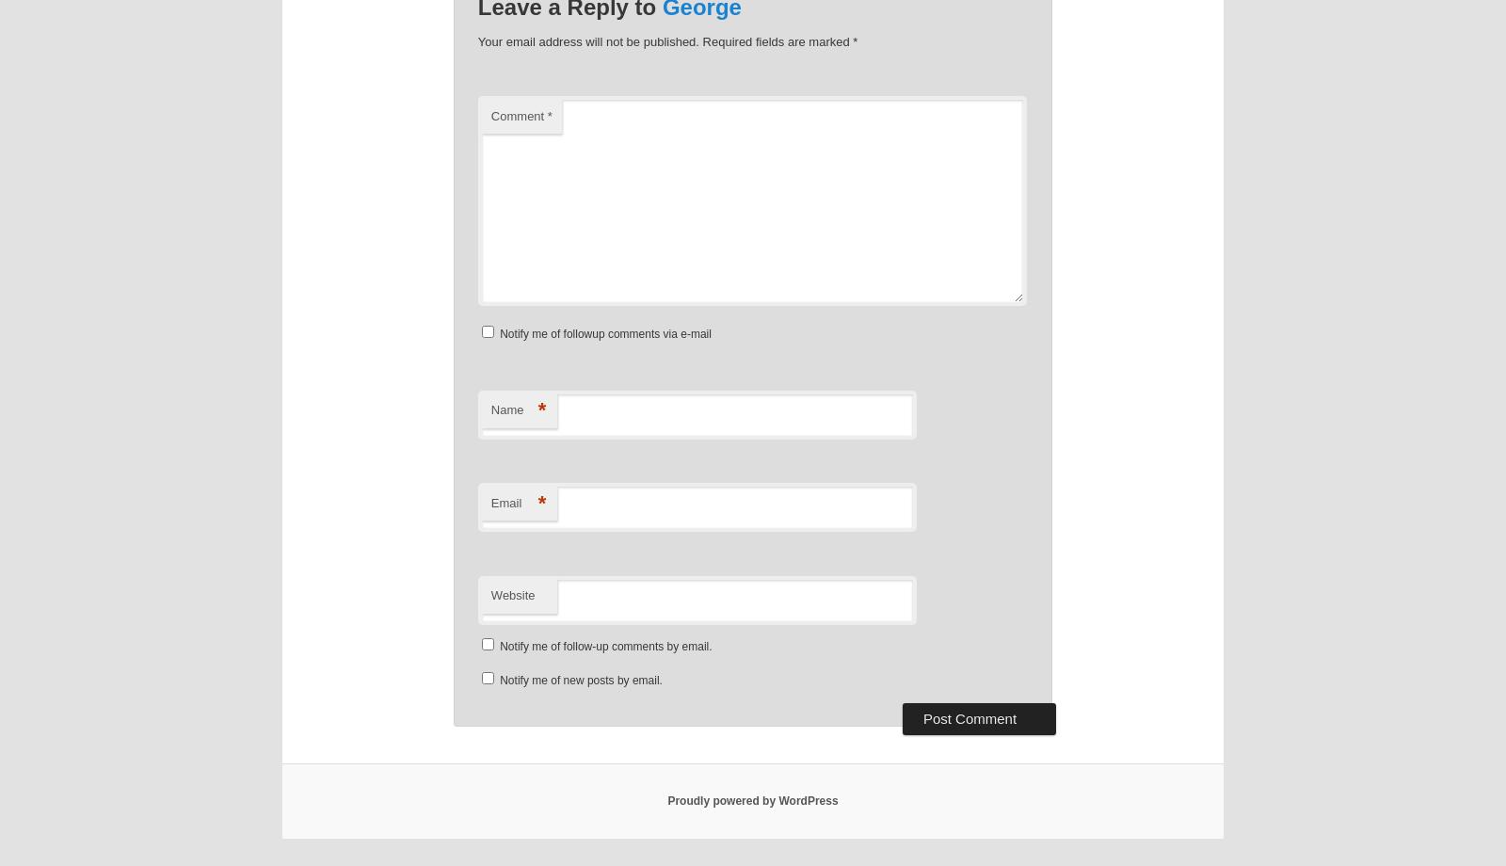 Image resolution: width=1506 pixels, height=866 pixels. What do you see at coordinates (605, 645) in the screenshot?
I see `'Notify me of follow-up comments by email.'` at bounding box center [605, 645].